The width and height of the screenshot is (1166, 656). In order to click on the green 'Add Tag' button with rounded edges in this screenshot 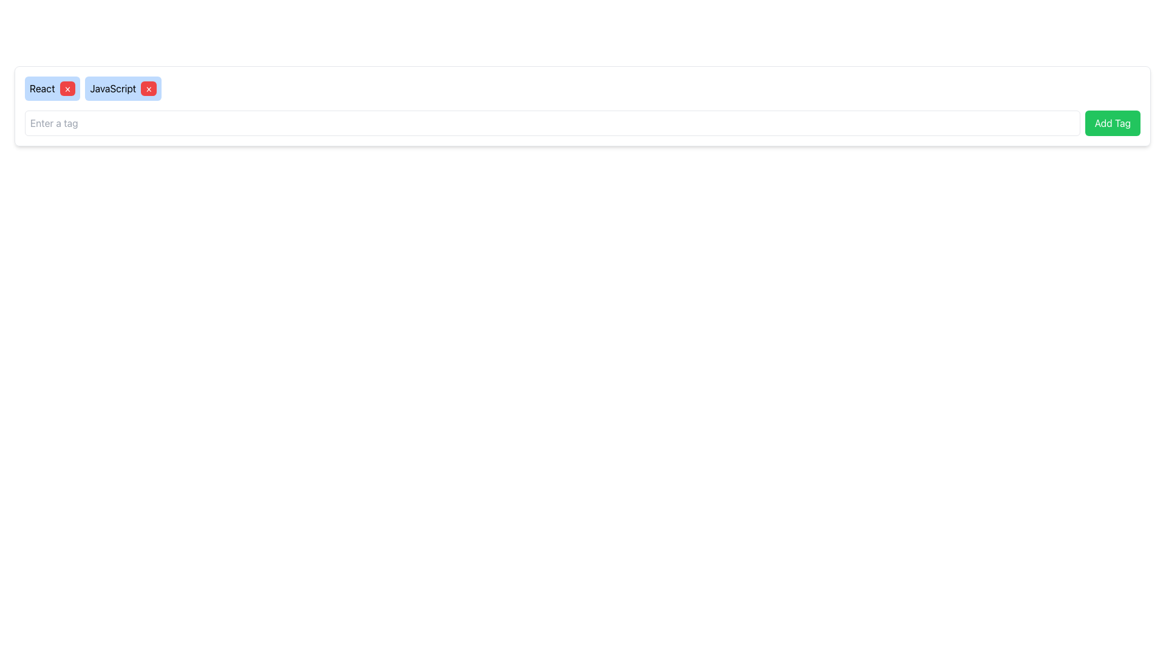, I will do `click(1113, 123)`.